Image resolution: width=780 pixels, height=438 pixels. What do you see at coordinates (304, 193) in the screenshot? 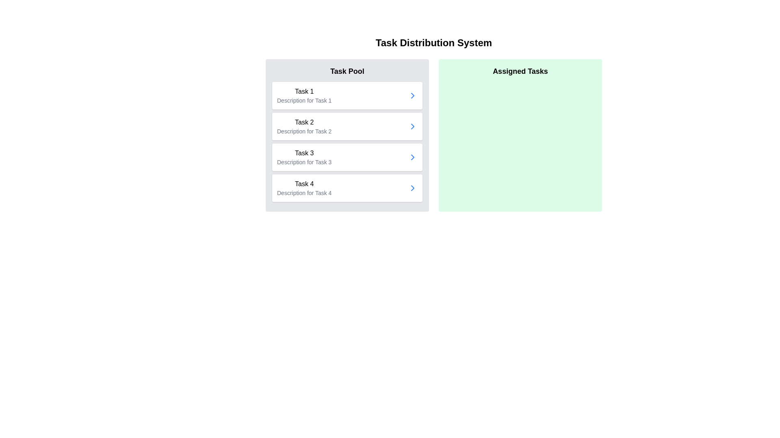
I see `the static text element displaying 'Description for Task 4', which is styled in a smaller gray font and located directly below the 'Task 4' heading` at bounding box center [304, 193].